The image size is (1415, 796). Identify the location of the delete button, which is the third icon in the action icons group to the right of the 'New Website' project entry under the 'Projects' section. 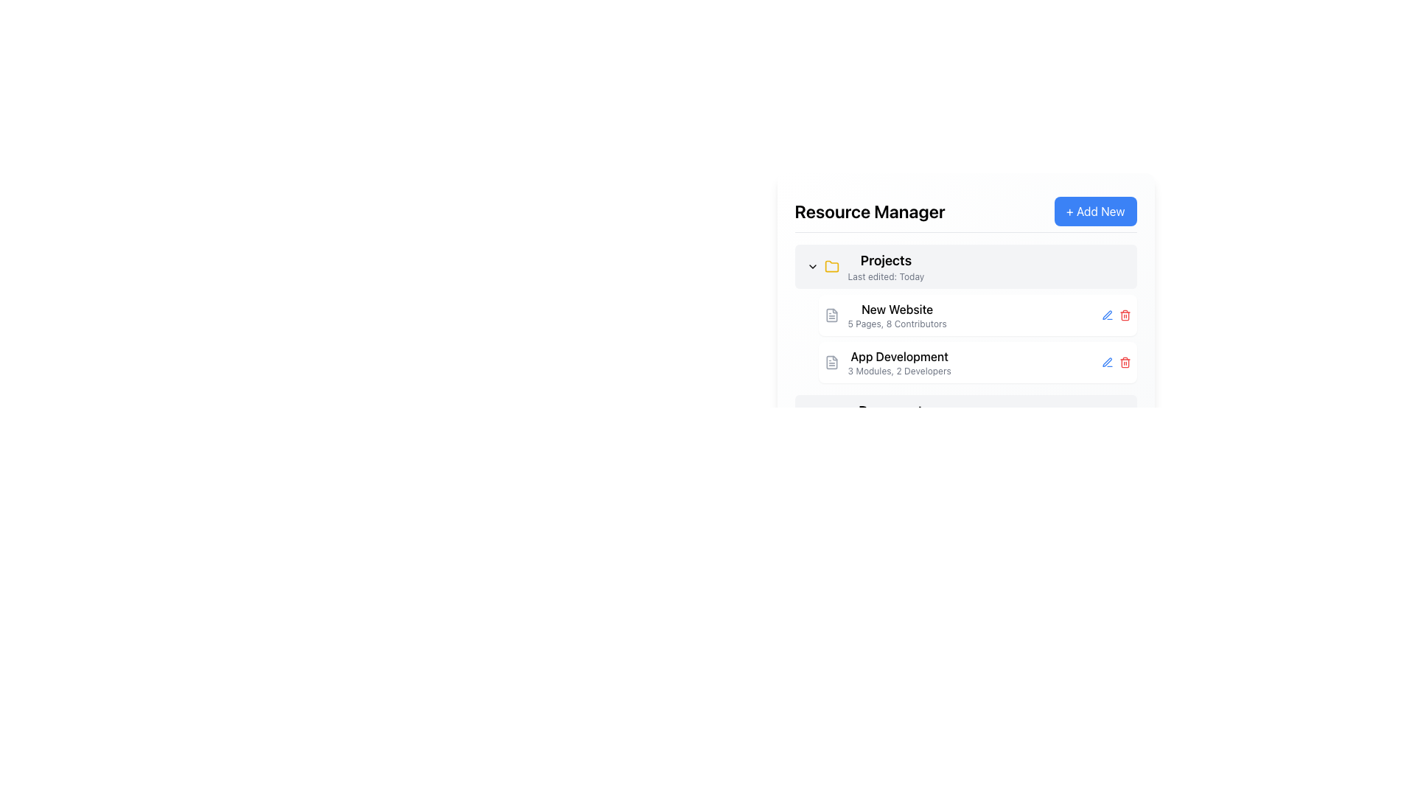
(1124, 315).